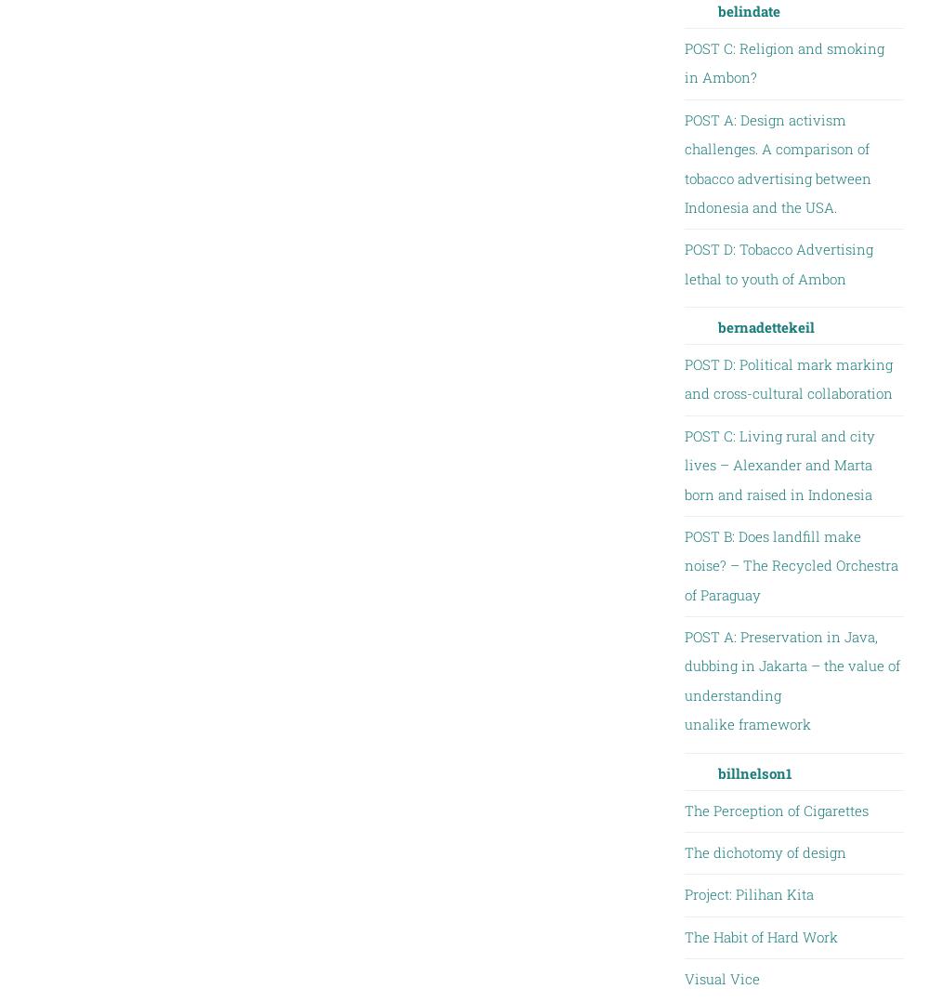 This screenshot has height=1002, width=929. I want to click on 'billnelson1', so click(754, 772).